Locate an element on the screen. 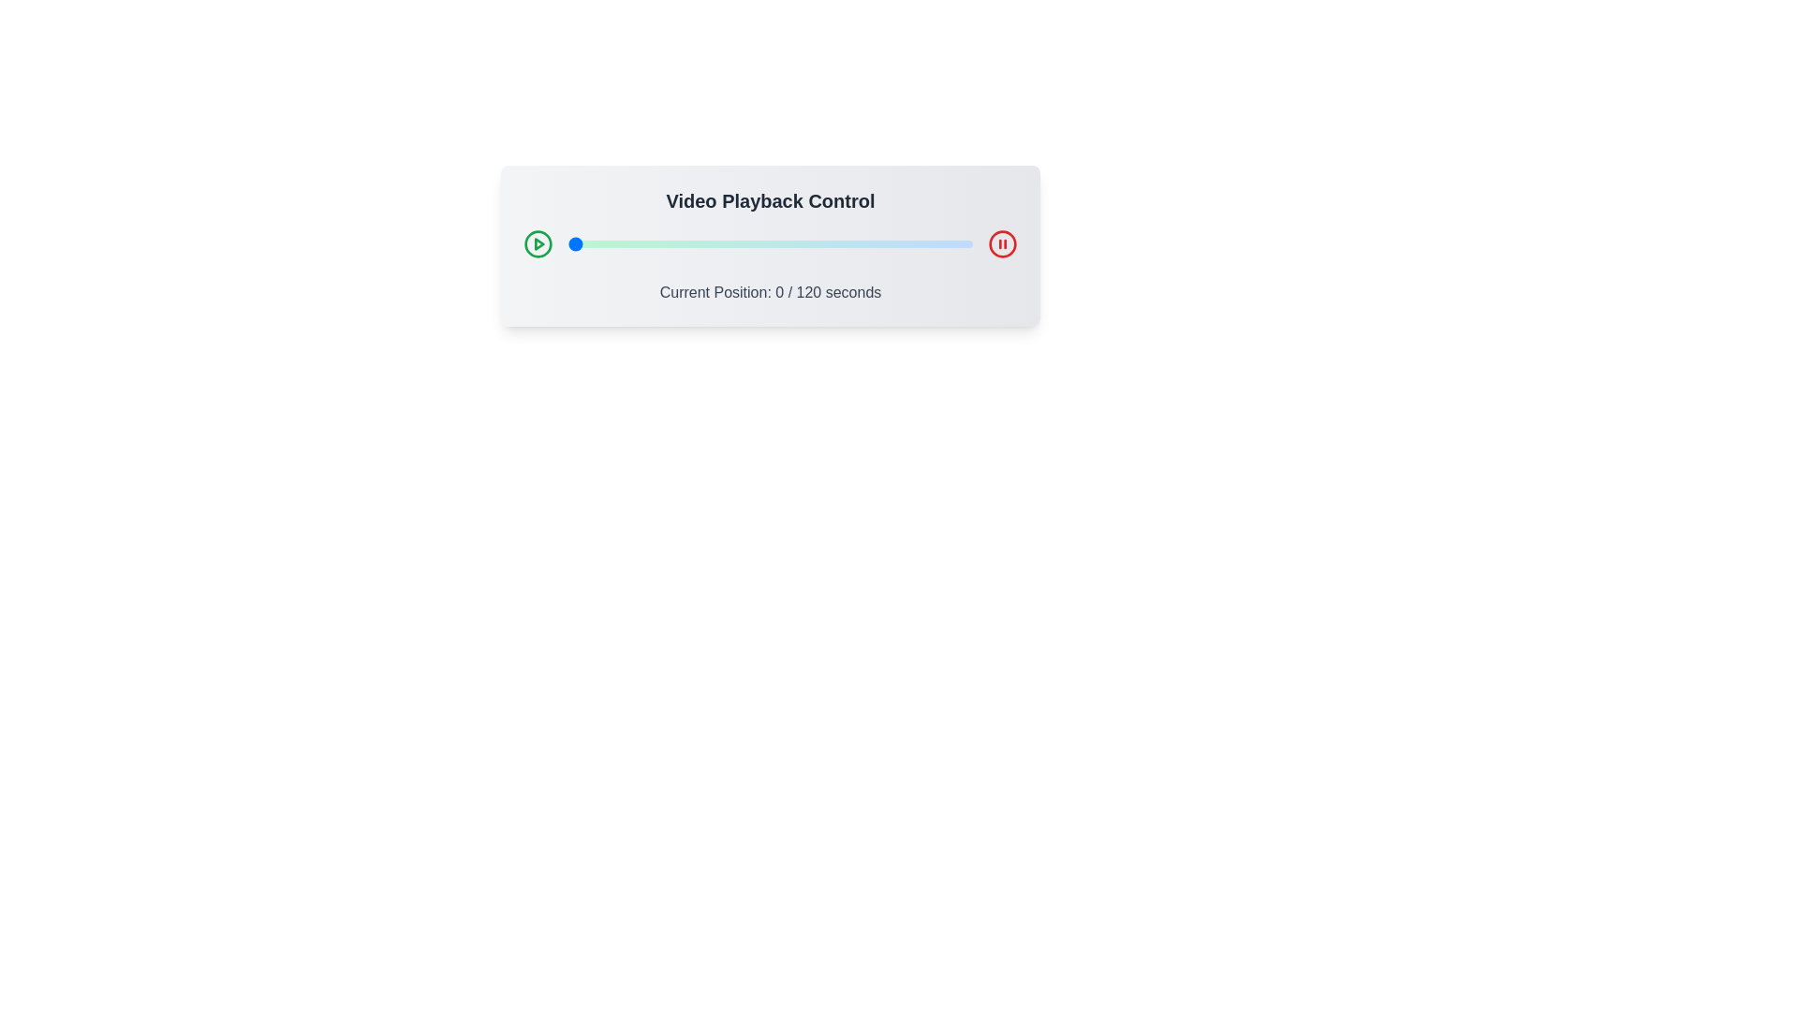  the video playback slider to 102 seconds is located at coordinates (912, 243).